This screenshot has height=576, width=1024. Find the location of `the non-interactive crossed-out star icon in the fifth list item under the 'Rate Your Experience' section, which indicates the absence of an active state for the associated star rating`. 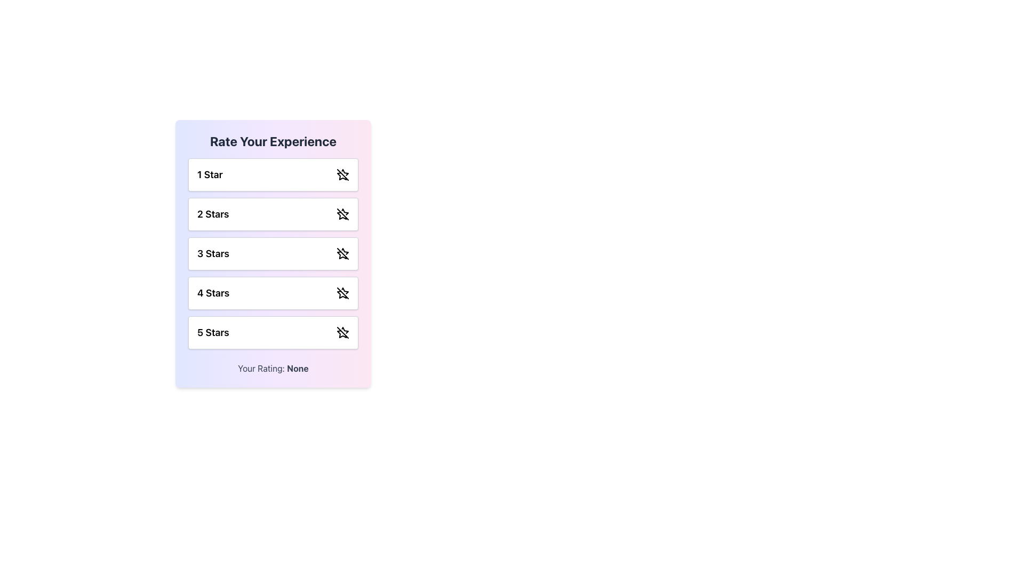

the non-interactive crossed-out star icon in the fifth list item under the 'Rate Your Experience' section, which indicates the absence of an active state for the associated star rating is located at coordinates (342, 333).